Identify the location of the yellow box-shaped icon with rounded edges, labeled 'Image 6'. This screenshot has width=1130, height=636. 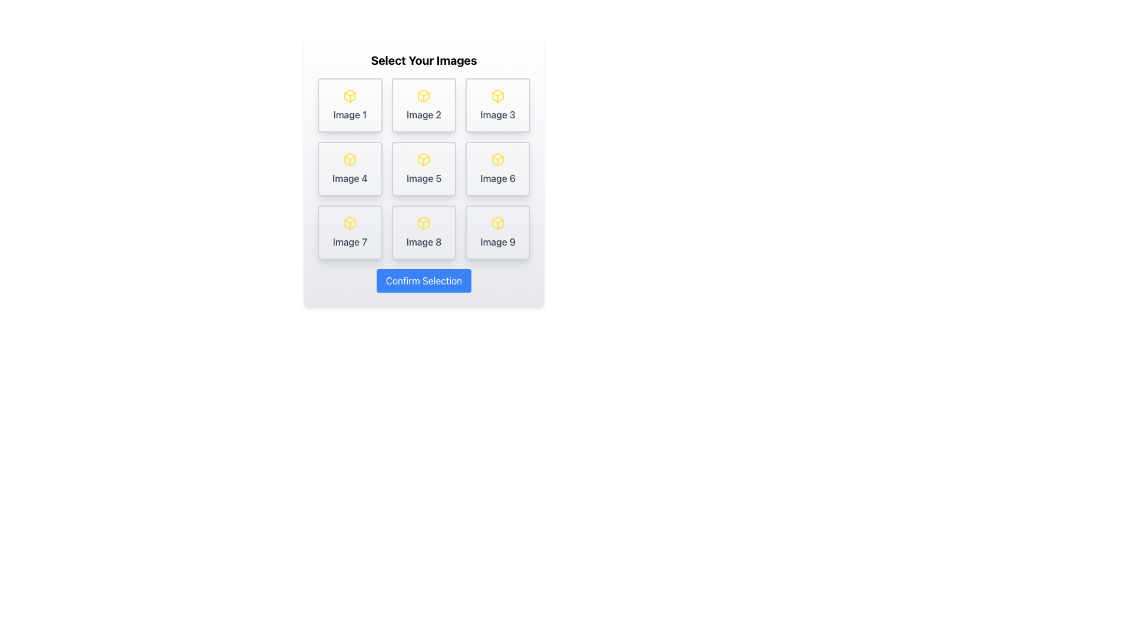
(498, 159).